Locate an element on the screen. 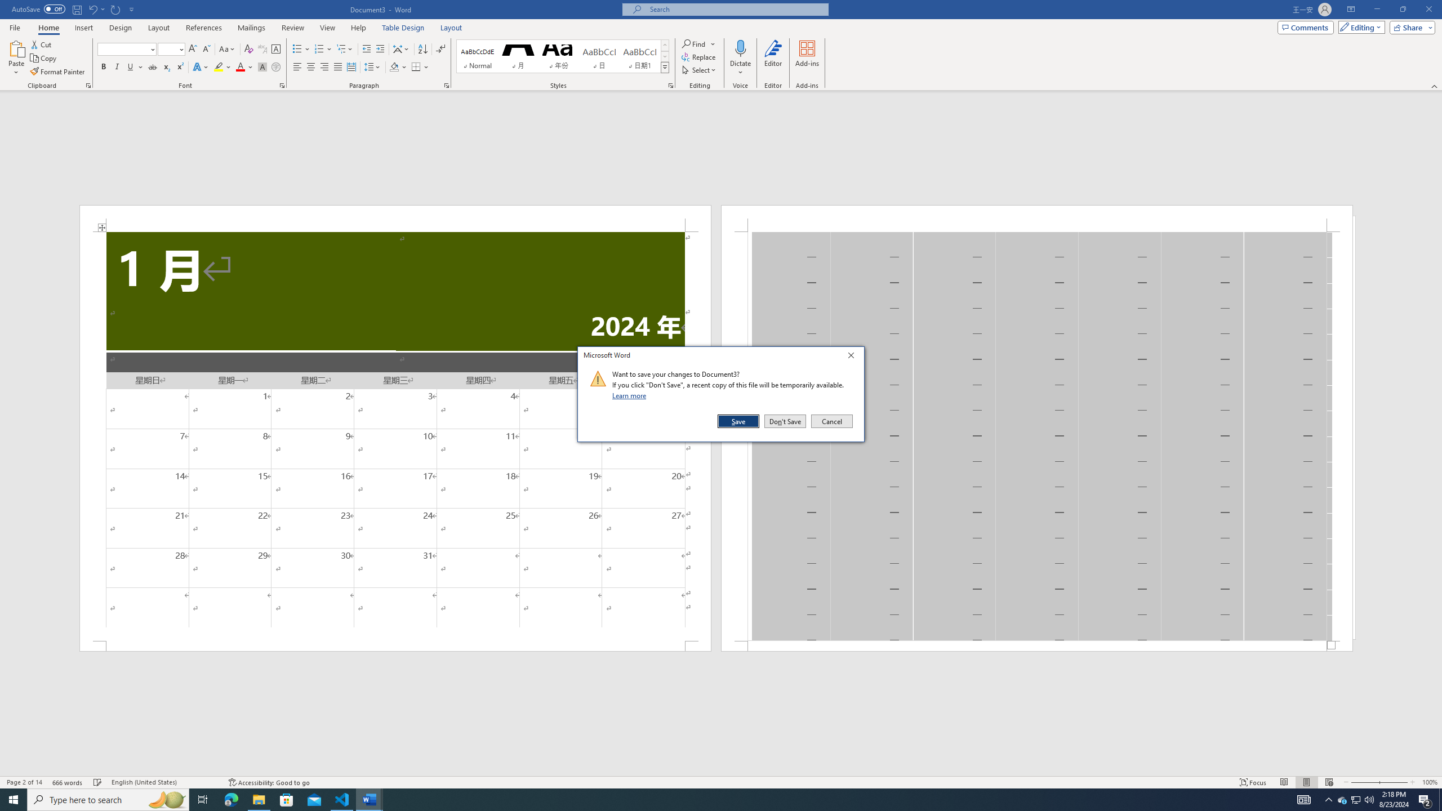 The image size is (1442, 811). 'Search highlights icon opens search home window' is located at coordinates (166, 799).